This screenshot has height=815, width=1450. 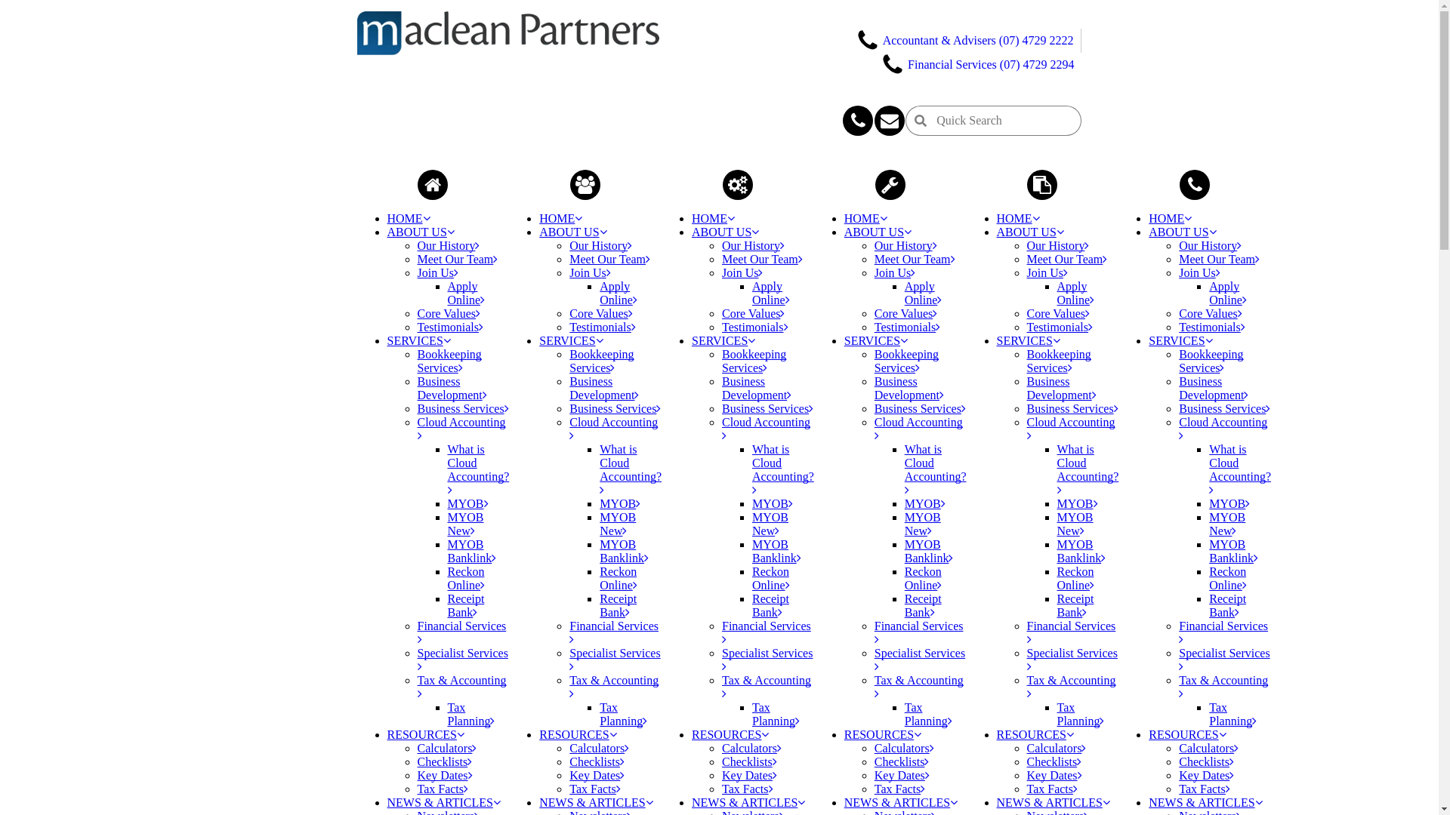 What do you see at coordinates (725, 232) in the screenshot?
I see `'ABOUT US'` at bounding box center [725, 232].